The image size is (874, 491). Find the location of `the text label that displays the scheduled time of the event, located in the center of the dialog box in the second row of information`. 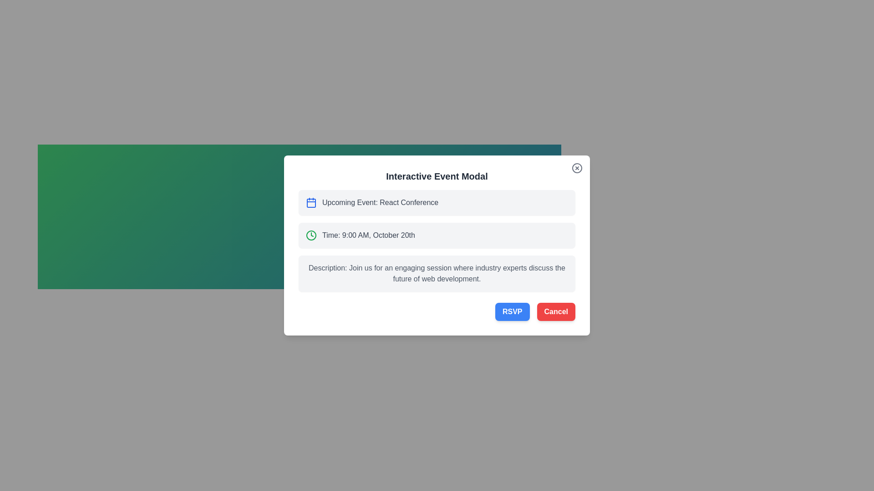

the text label that displays the scheduled time of the event, located in the center of the dialog box in the second row of information is located at coordinates (369, 235).